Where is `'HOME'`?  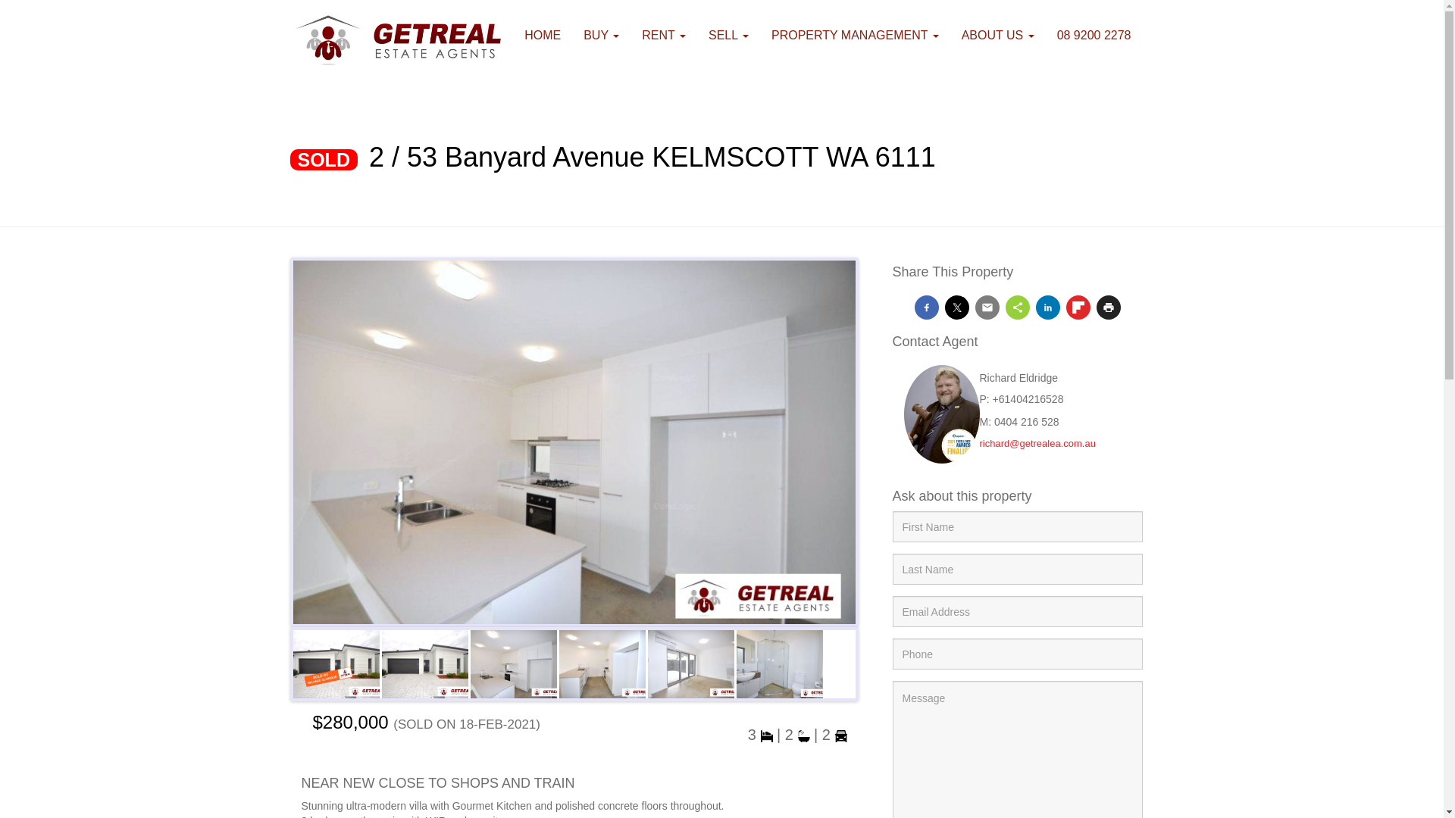
'HOME' is located at coordinates (542, 34).